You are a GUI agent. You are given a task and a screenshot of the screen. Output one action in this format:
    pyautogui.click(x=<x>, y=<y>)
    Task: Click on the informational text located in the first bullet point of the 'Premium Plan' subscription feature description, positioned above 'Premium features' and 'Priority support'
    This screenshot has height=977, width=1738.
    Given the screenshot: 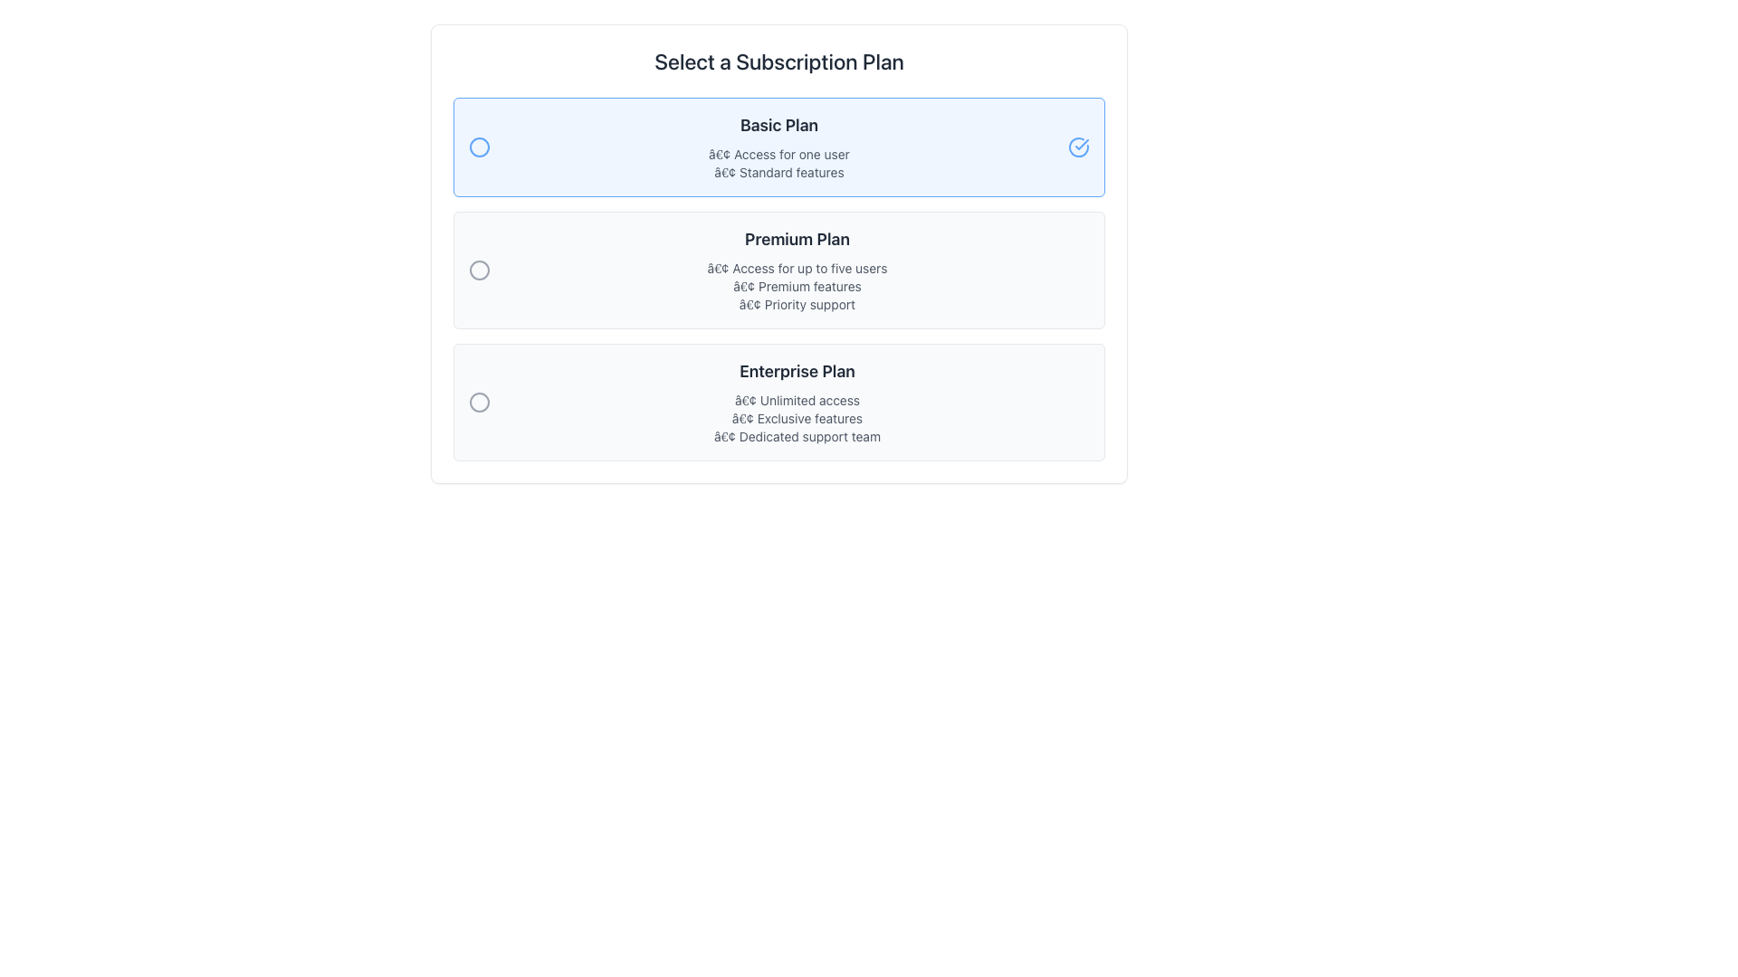 What is the action you would take?
    pyautogui.click(x=797, y=269)
    